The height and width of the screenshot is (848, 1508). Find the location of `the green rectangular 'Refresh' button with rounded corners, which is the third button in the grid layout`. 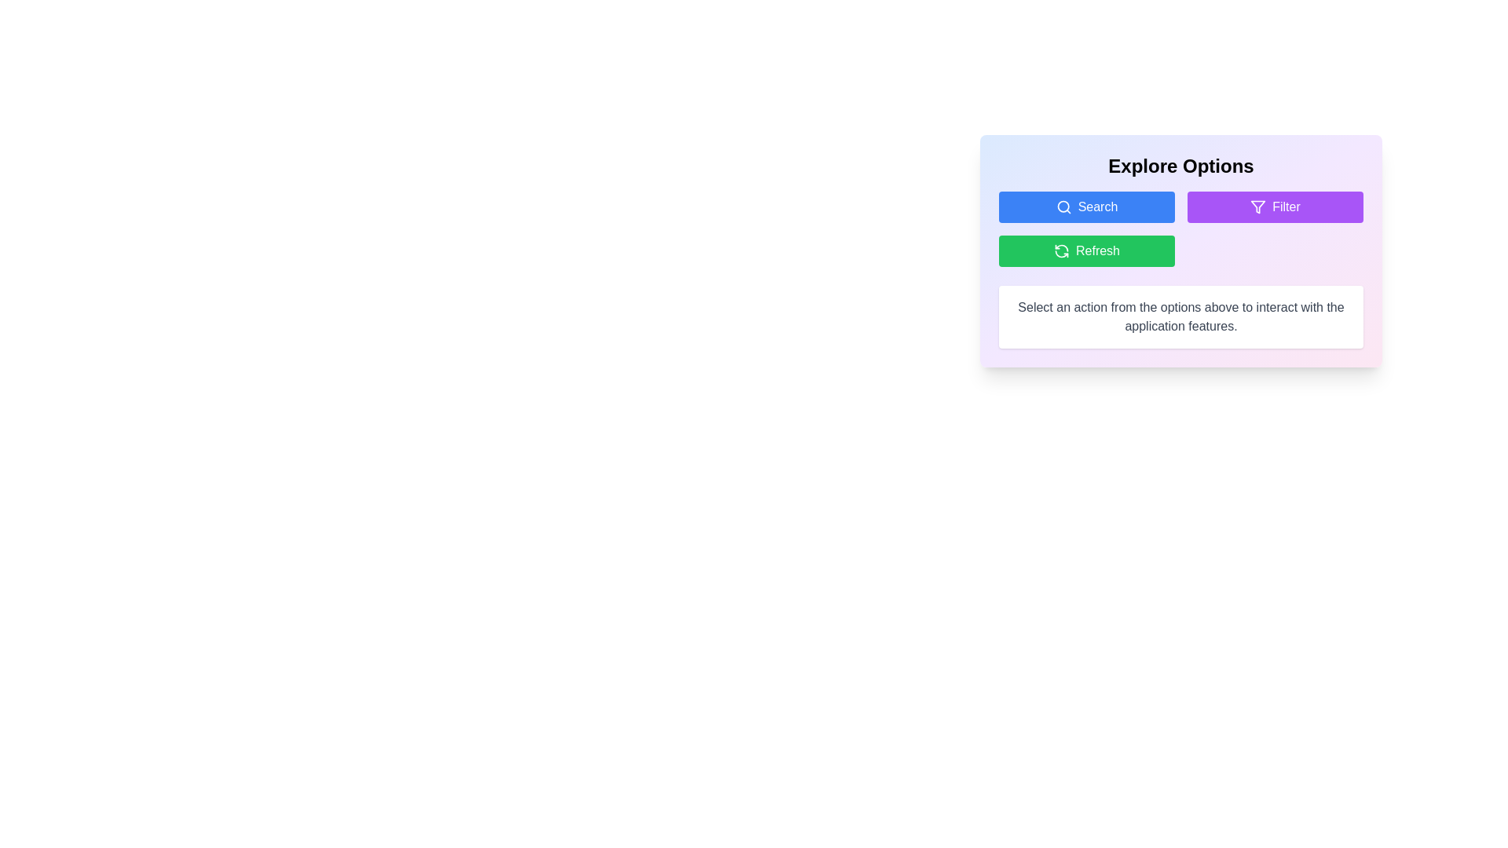

the green rectangular 'Refresh' button with rounded corners, which is the third button in the grid layout is located at coordinates (1085, 250).